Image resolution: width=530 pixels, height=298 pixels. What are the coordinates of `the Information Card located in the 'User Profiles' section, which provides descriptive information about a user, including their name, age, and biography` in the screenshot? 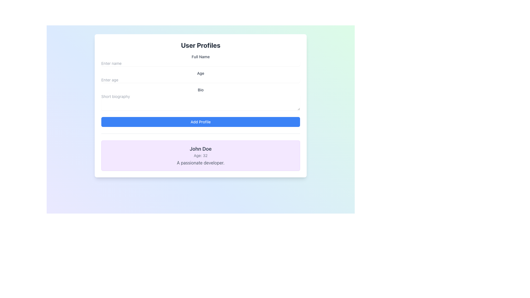 It's located at (200, 155).